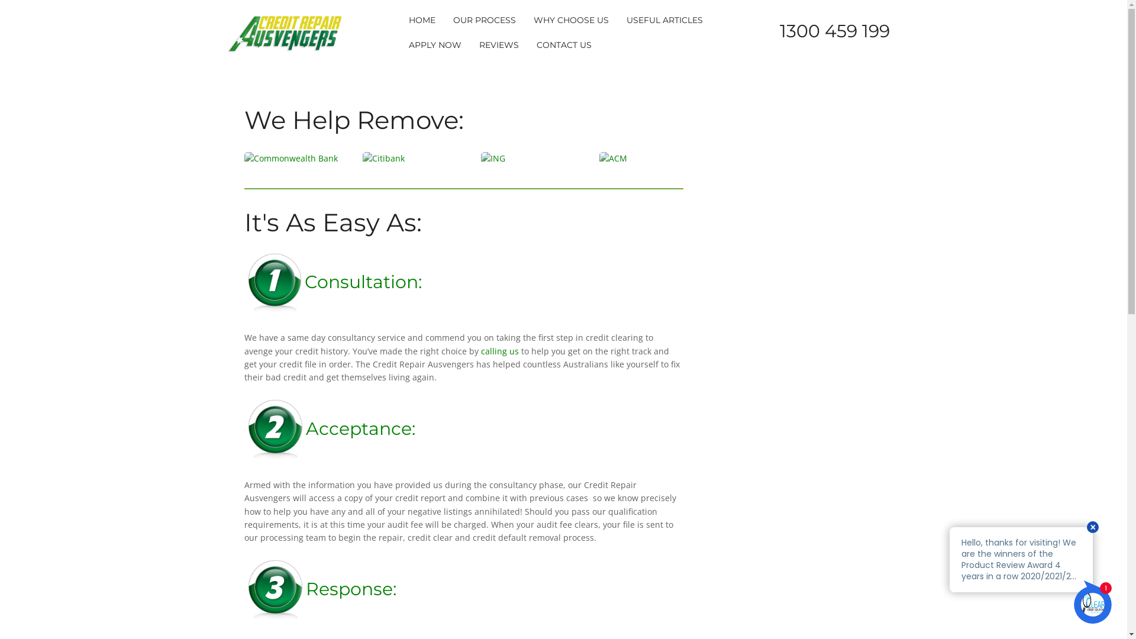  I want to click on 'WHY CHOOSE US', so click(524, 20).